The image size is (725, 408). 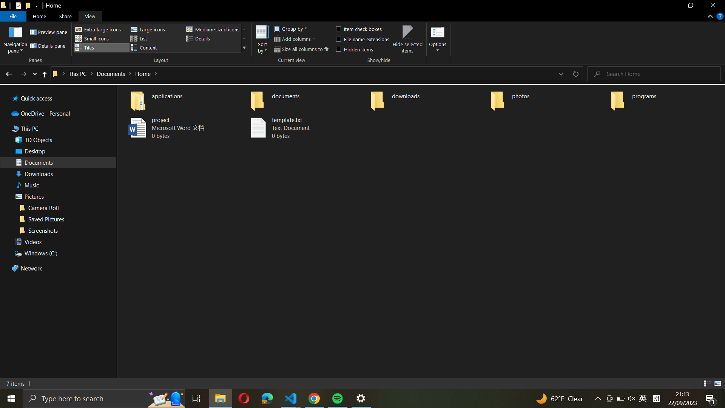 What do you see at coordinates (427, 99) in the screenshot?
I see `the "downloads" directory and highlight all files within` at bounding box center [427, 99].